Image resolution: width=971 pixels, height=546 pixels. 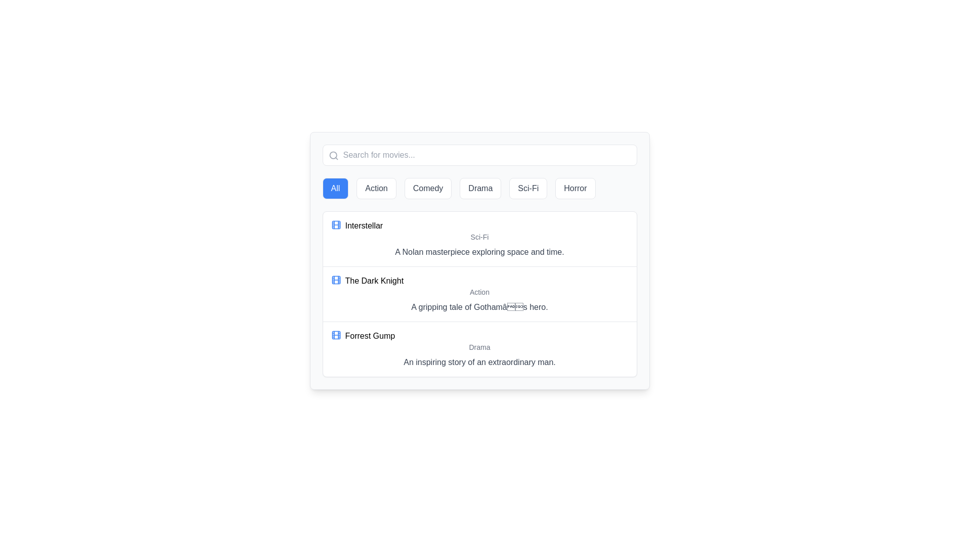 What do you see at coordinates (527, 189) in the screenshot?
I see `the fifth button in a row, which activates the 'Sci-Fi' filter, located between 'Drama' and 'Horror'` at bounding box center [527, 189].